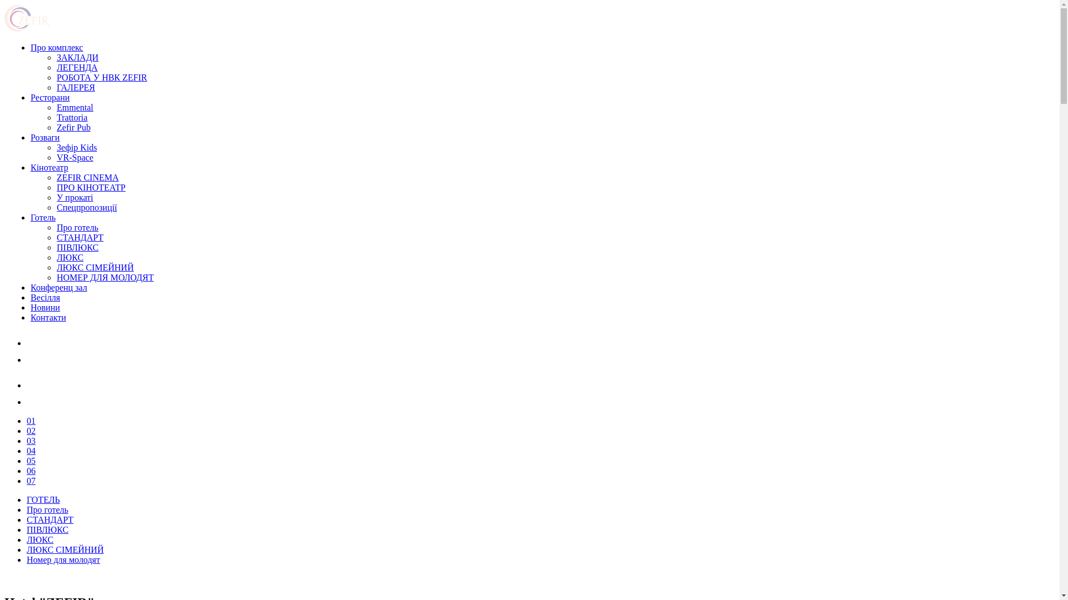 Image resolution: width=1068 pixels, height=600 pixels. What do you see at coordinates (31, 430) in the screenshot?
I see `'02'` at bounding box center [31, 430].